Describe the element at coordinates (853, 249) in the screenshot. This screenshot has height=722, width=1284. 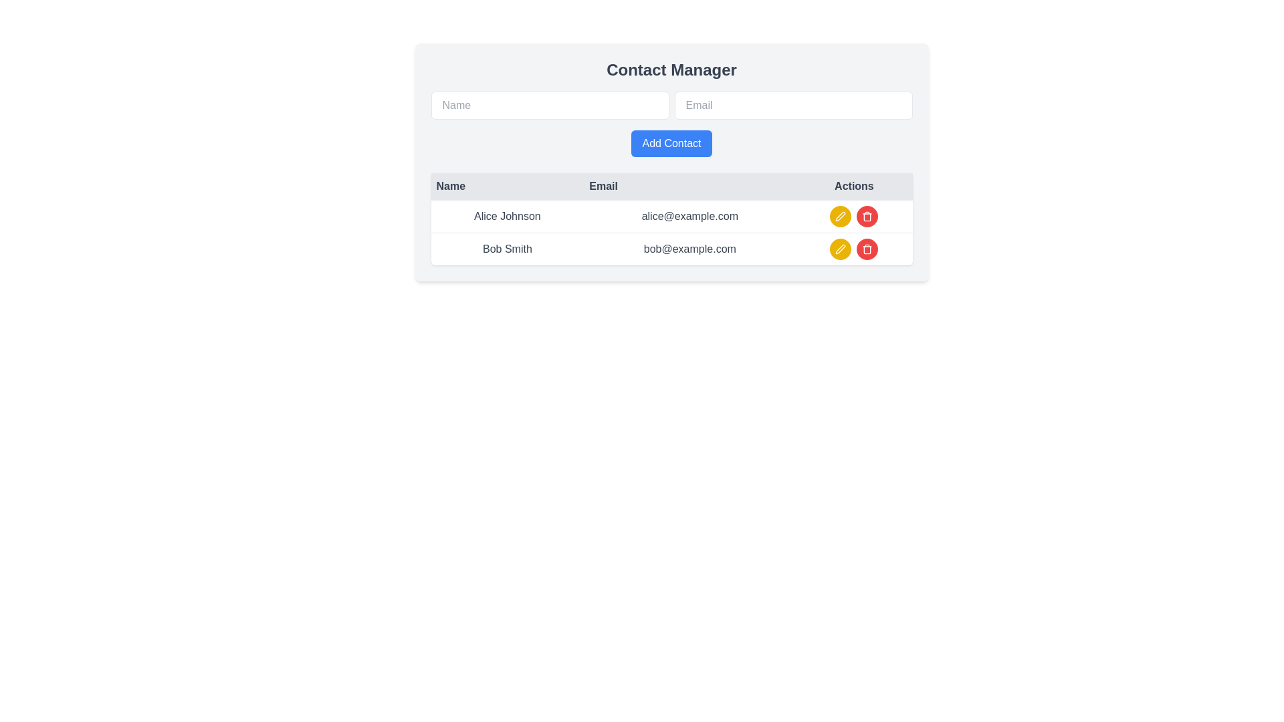
I see `the edit button in the Horizontal option group for editing the contact information of 'Bob Smith', located in the last row of the table in the 'Actions' column` at that location.